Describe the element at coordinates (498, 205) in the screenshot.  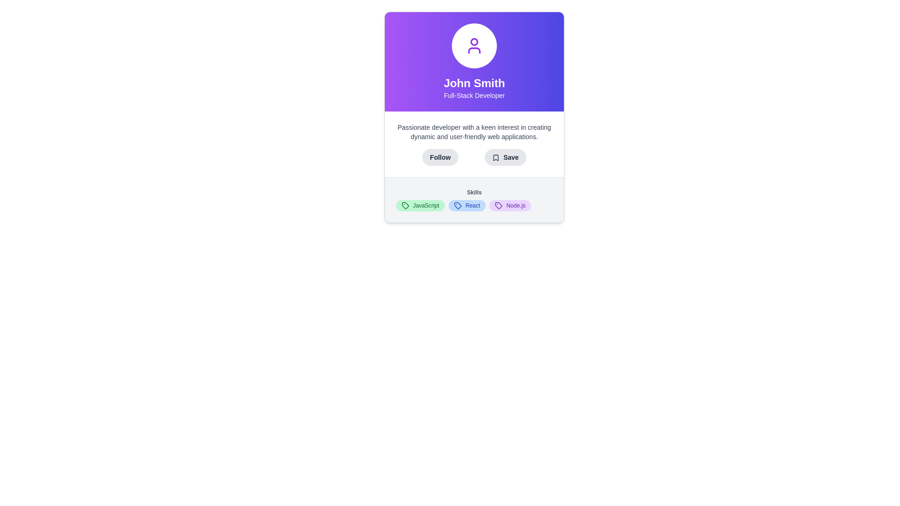
I see `the visual representation of the tag icon located in the center-left portion of the skills labels under the 'Skills' section of the profile card` at that location.